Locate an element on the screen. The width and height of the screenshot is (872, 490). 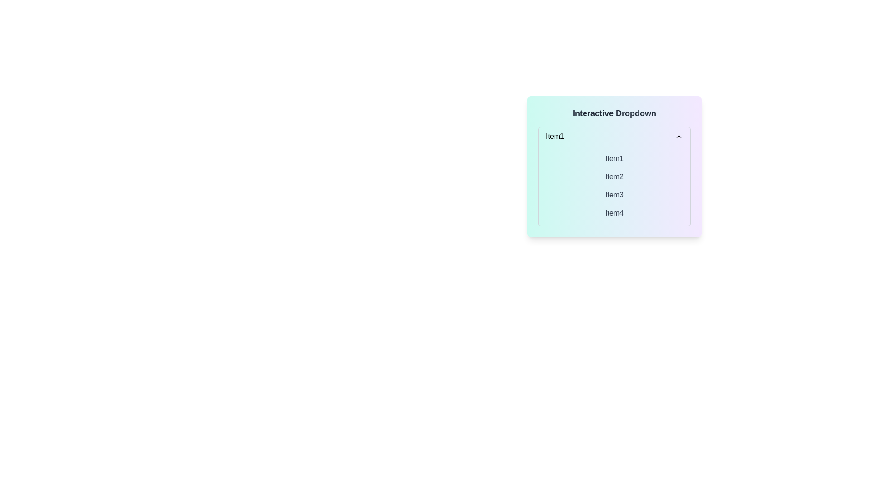
the upward-facing chevron icon located on the right side of the horizontal bar labeled 'Item1' is located at coordinates (679, 136).